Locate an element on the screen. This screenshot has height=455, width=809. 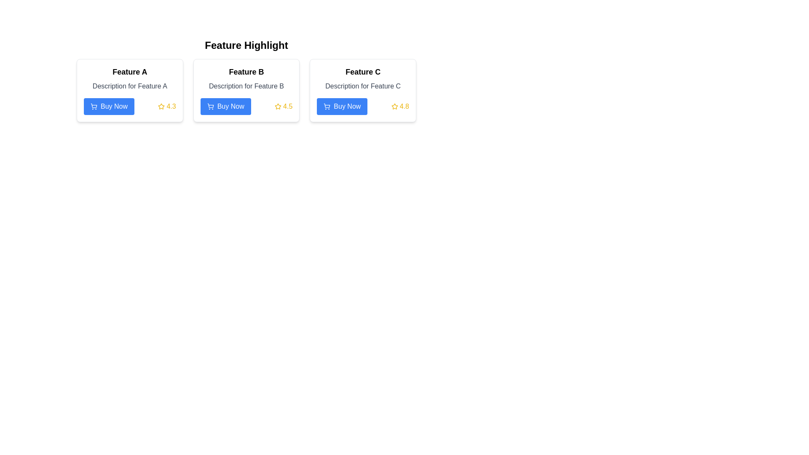
the icon on the left side of the 'Buy Now' button, which indicates the purpose of adding a feature to the purchase list is located at coordinates (210, 106).